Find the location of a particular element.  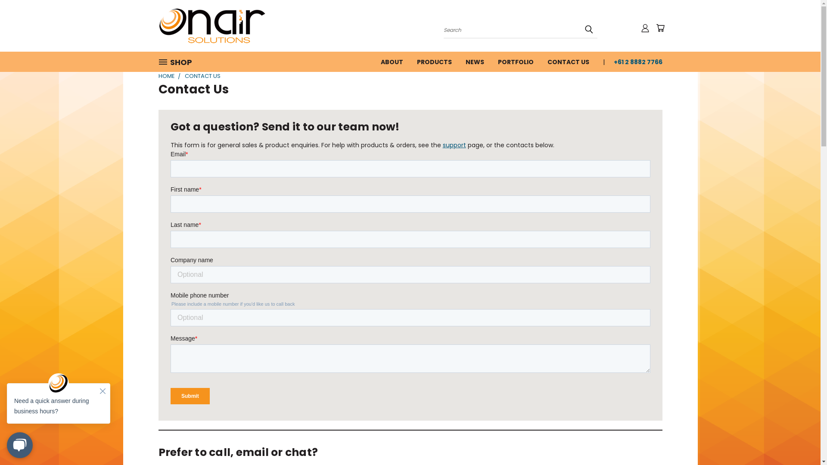

'support' is located at coordinates (442, 144).